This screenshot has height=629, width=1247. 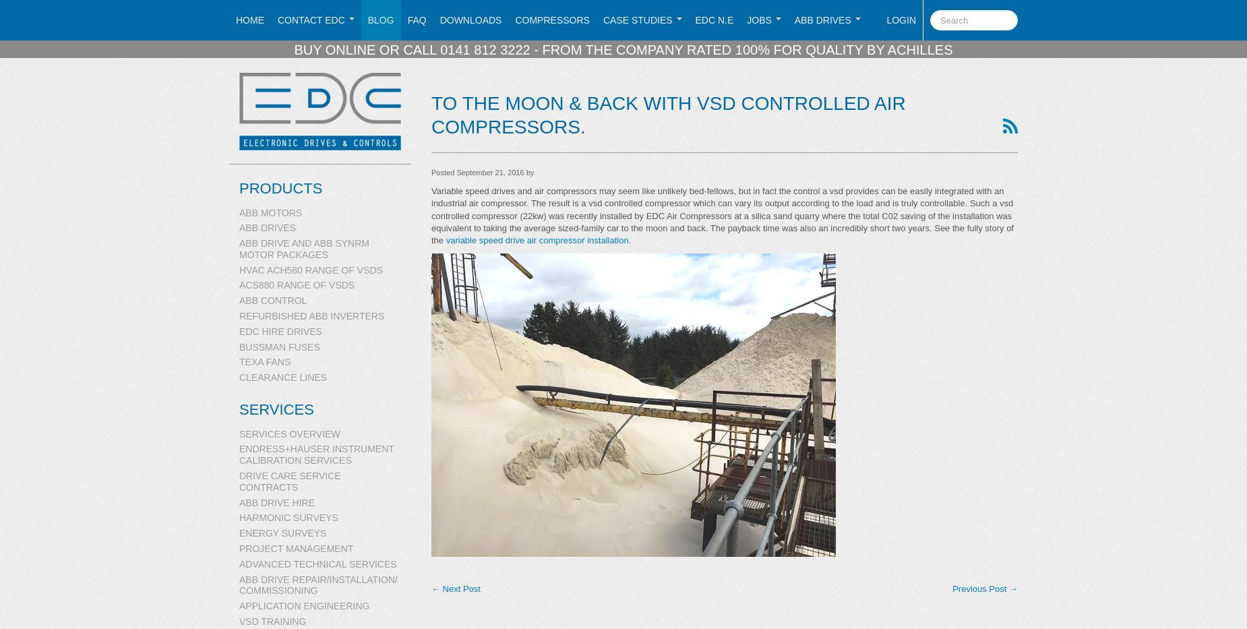 What do you see at coordinates (239, 548) in the screenshot?
I see `'Project Management'` at bounding box center [239, 548].